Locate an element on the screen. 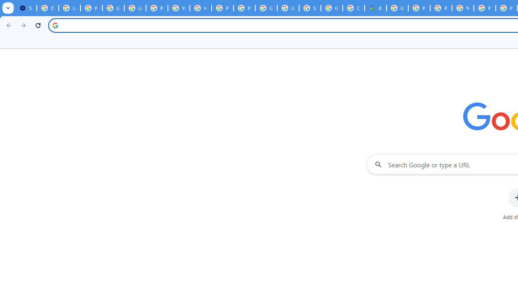 Image resolution: width=518 pixels, height=291 pixels. 'https://scholar.google.com/' is located at coordinates (201, 8).